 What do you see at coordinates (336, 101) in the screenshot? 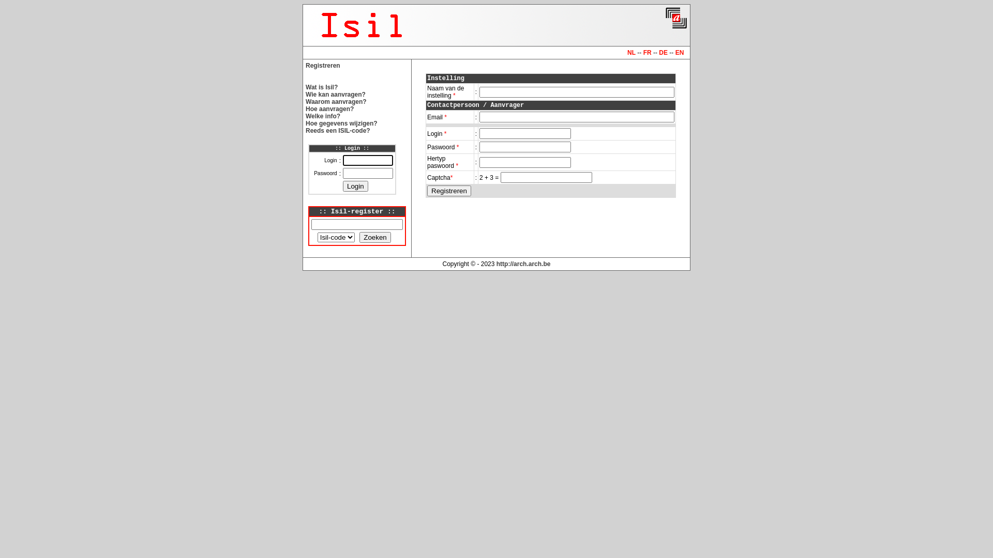
I see `'Waarom aanvragen?'` at bounding box center [336, 101].